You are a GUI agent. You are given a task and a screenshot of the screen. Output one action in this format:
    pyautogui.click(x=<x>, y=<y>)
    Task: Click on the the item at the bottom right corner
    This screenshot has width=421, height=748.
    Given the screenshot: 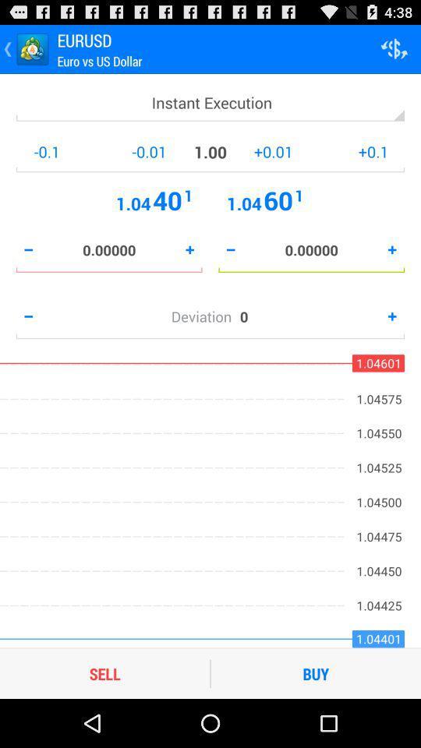 What is the action you would take?
    pyautogui.click(x=316, y=672)
    